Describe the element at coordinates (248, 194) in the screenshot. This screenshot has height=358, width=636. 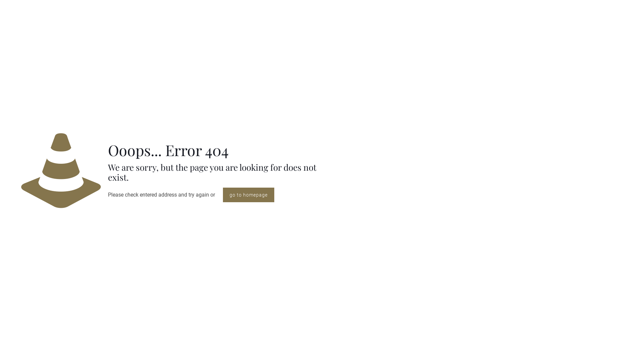
I see `'go to homepage'` at that location.